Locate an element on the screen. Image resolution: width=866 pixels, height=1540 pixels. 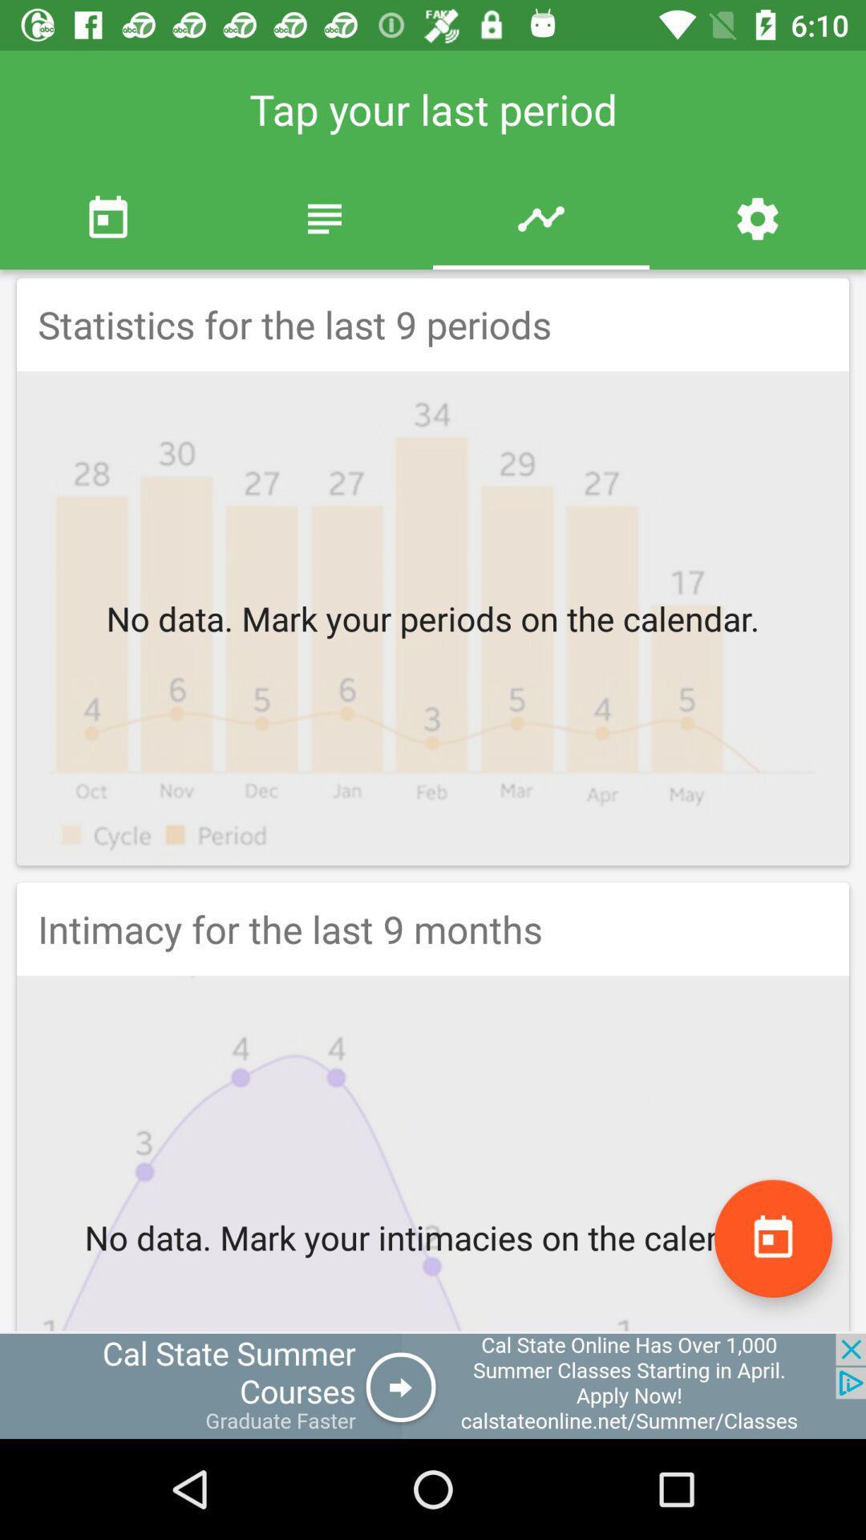
calendar is located at coordinates (772, 1238).